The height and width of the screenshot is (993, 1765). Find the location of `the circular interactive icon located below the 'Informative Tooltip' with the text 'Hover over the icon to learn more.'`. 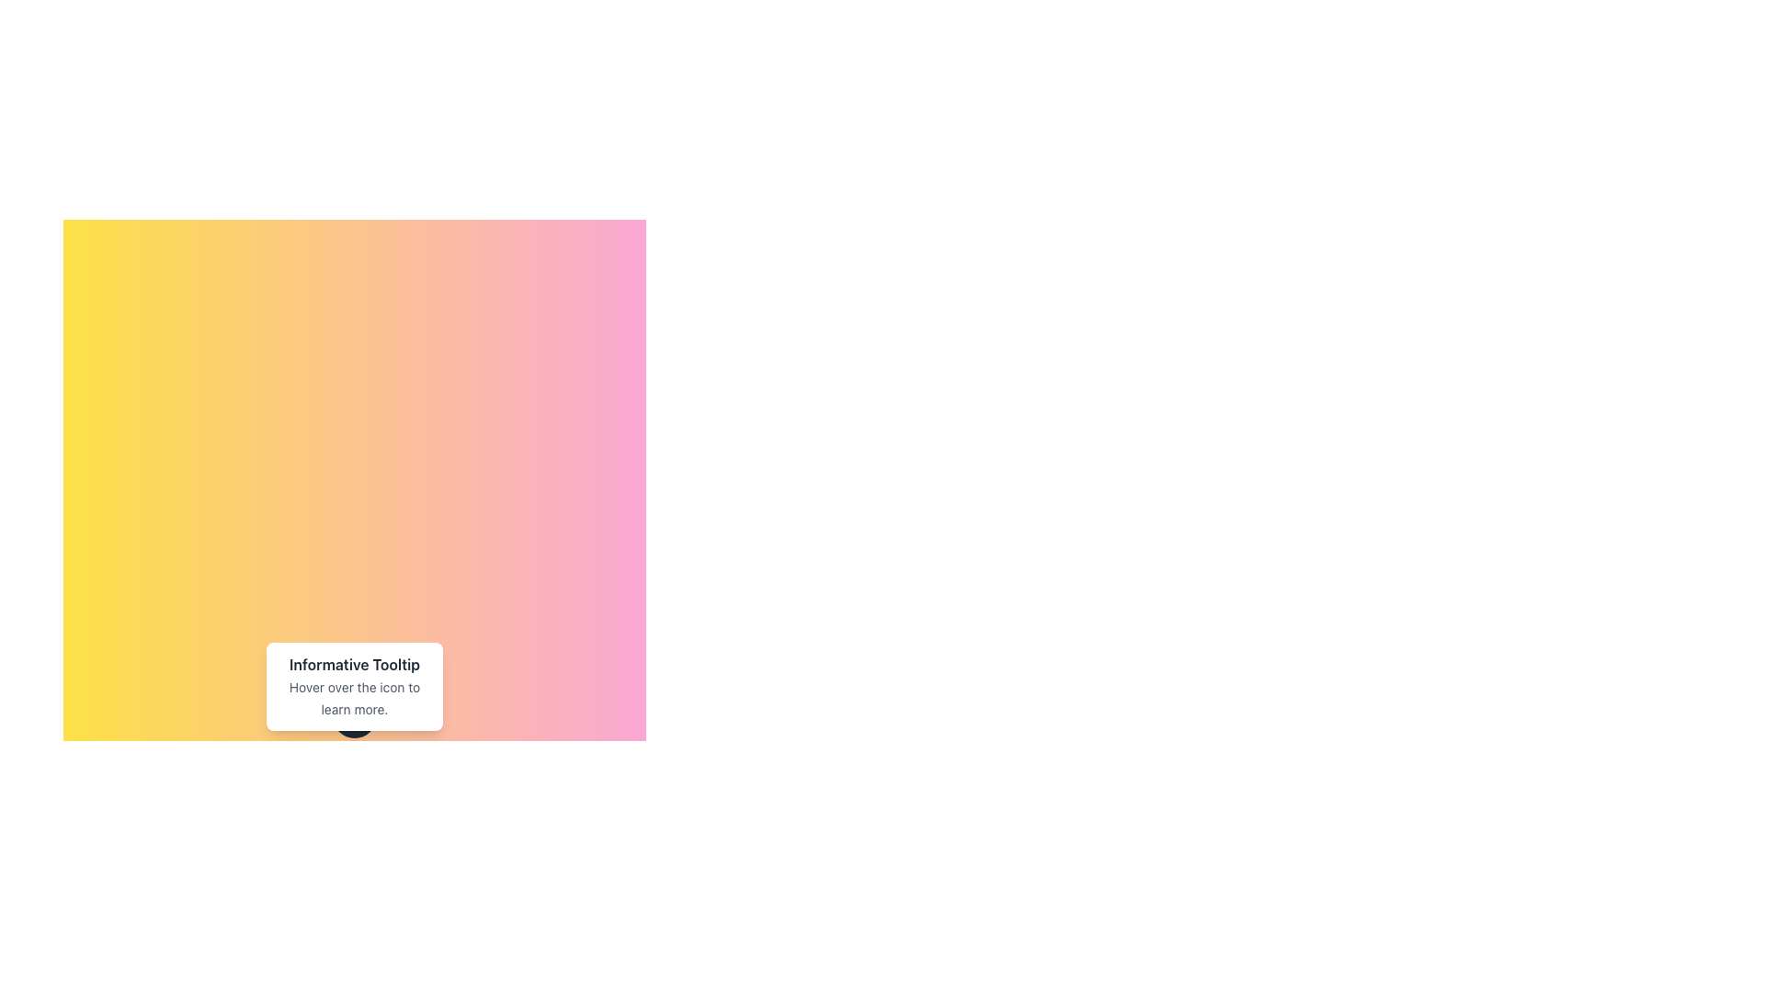

the circular interactive icon located below the 'Informative Tooltip' with the text 'Hover over the icon to learn more.' is located at coordinates (354, 715).